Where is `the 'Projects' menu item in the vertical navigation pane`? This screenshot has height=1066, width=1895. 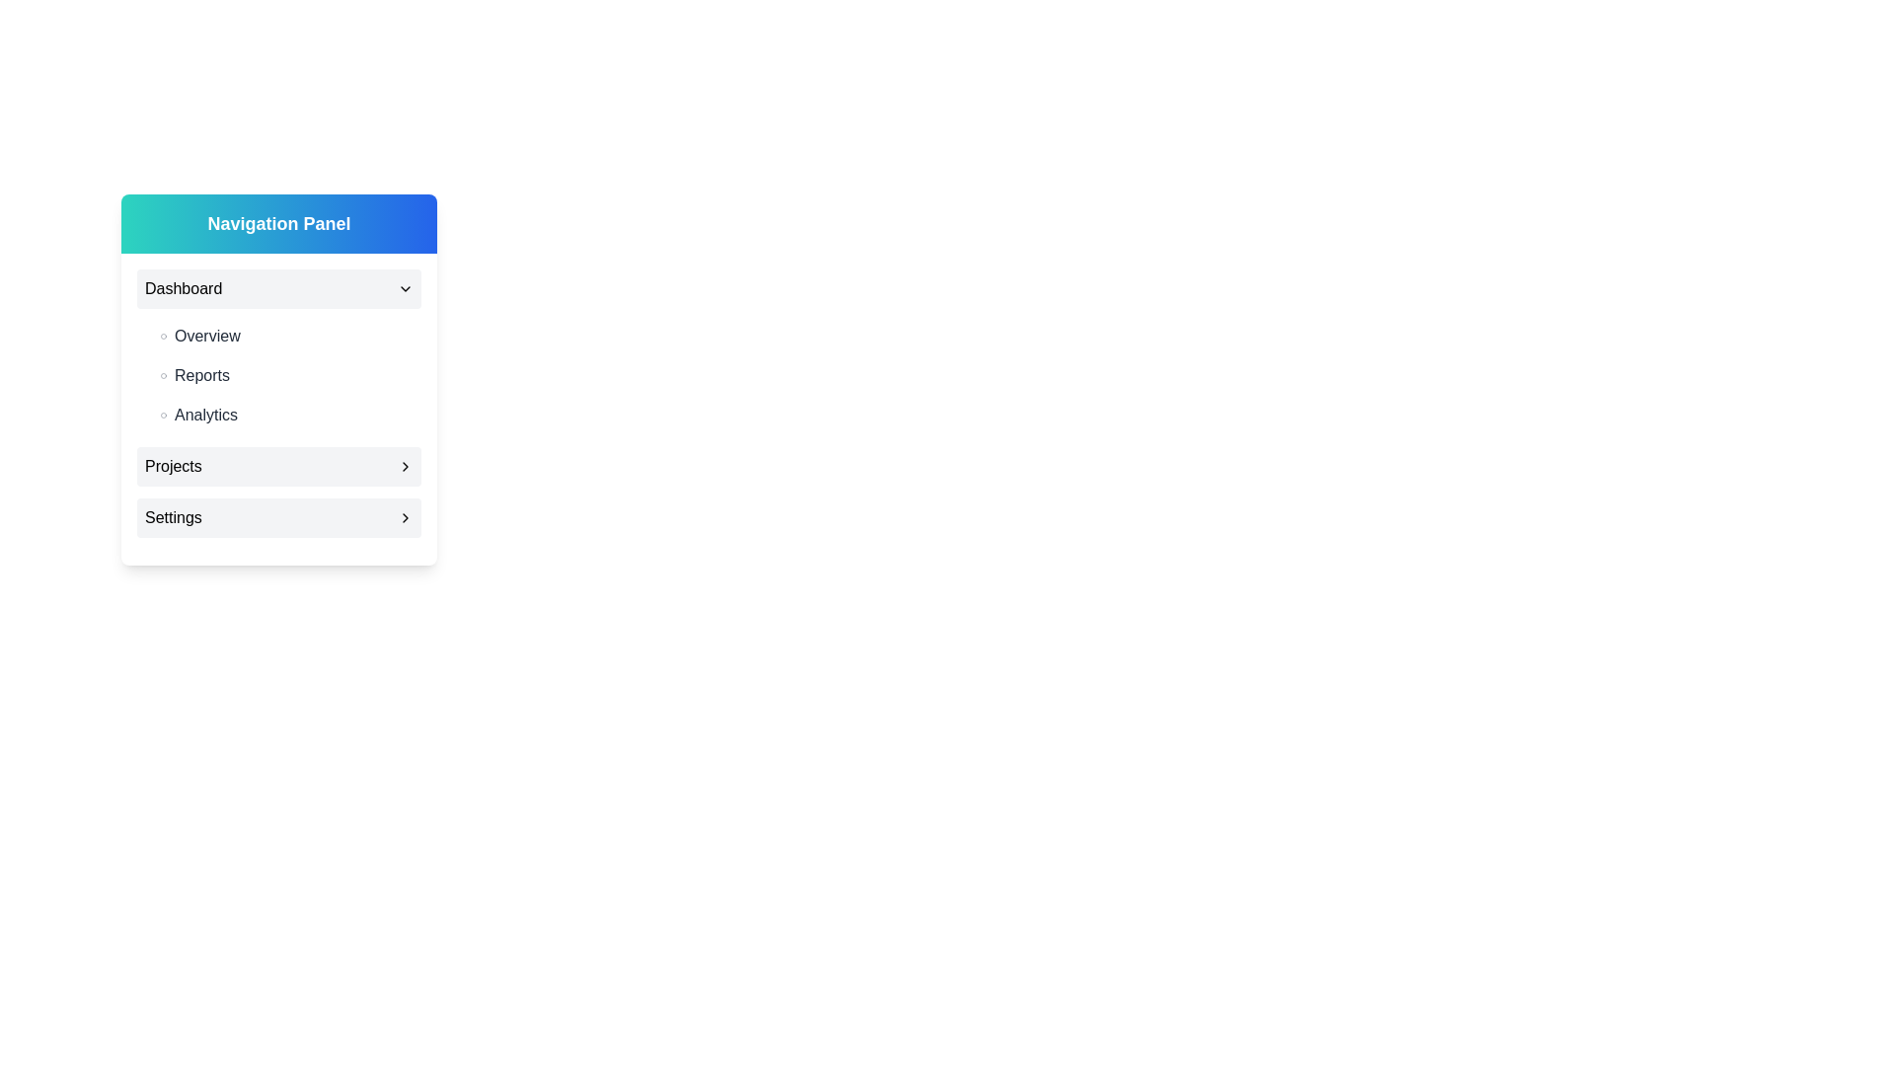 the 'Projects' menu item in the vertical navigation pane is located at coordinates (278, 467).